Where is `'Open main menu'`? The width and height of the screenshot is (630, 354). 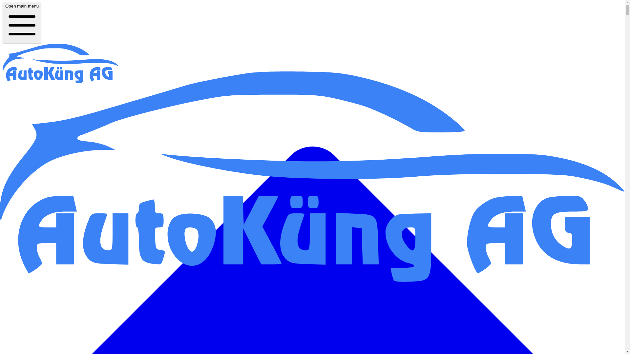
'Open main menu' is located at coordinates (22, 23).